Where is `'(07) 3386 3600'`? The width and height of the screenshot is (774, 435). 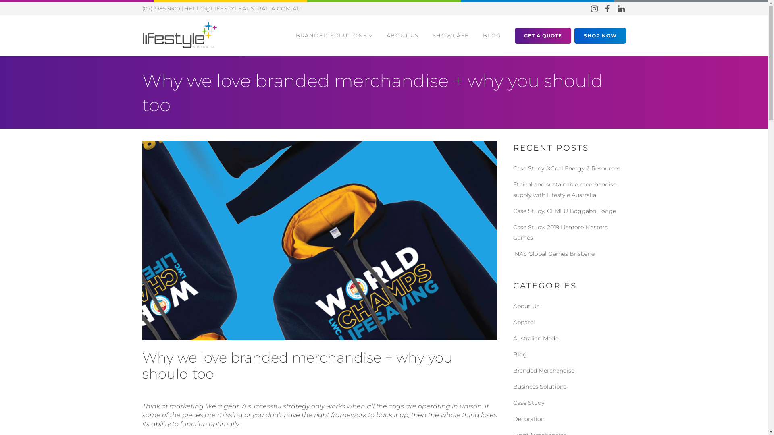
'(07) 3386 3600' is located at coordinates (160, 8).